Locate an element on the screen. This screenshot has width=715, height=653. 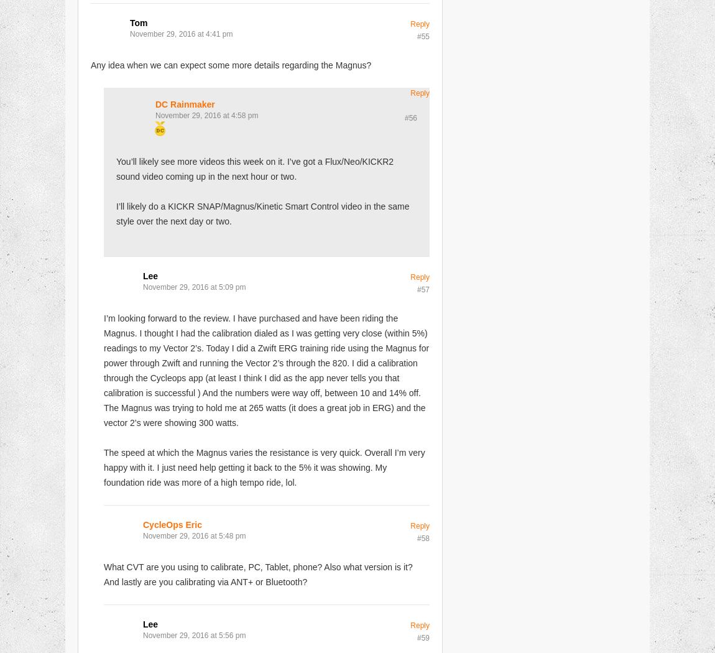
'#56' is located at coordinates (410, 117).